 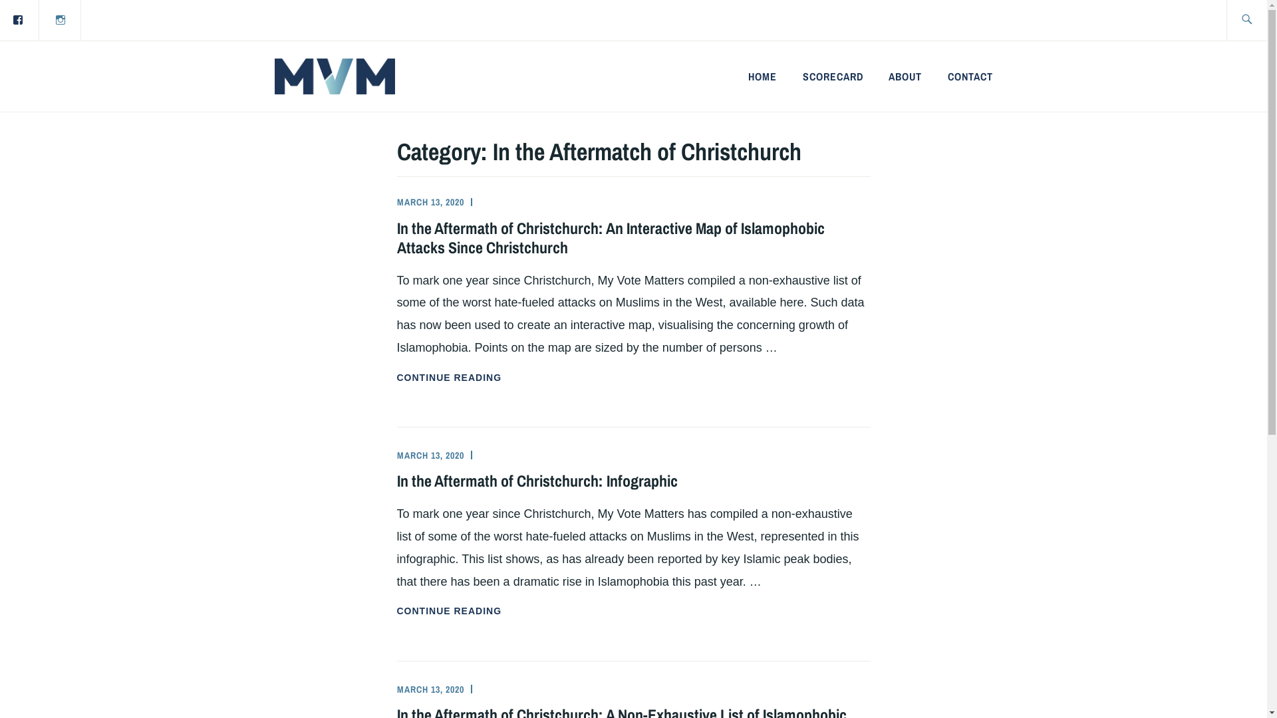 What do you see at coordinates (430, 202) in the screenshot?
I see `'MARCH 13, 2020'` at bounding box center [430, 202].